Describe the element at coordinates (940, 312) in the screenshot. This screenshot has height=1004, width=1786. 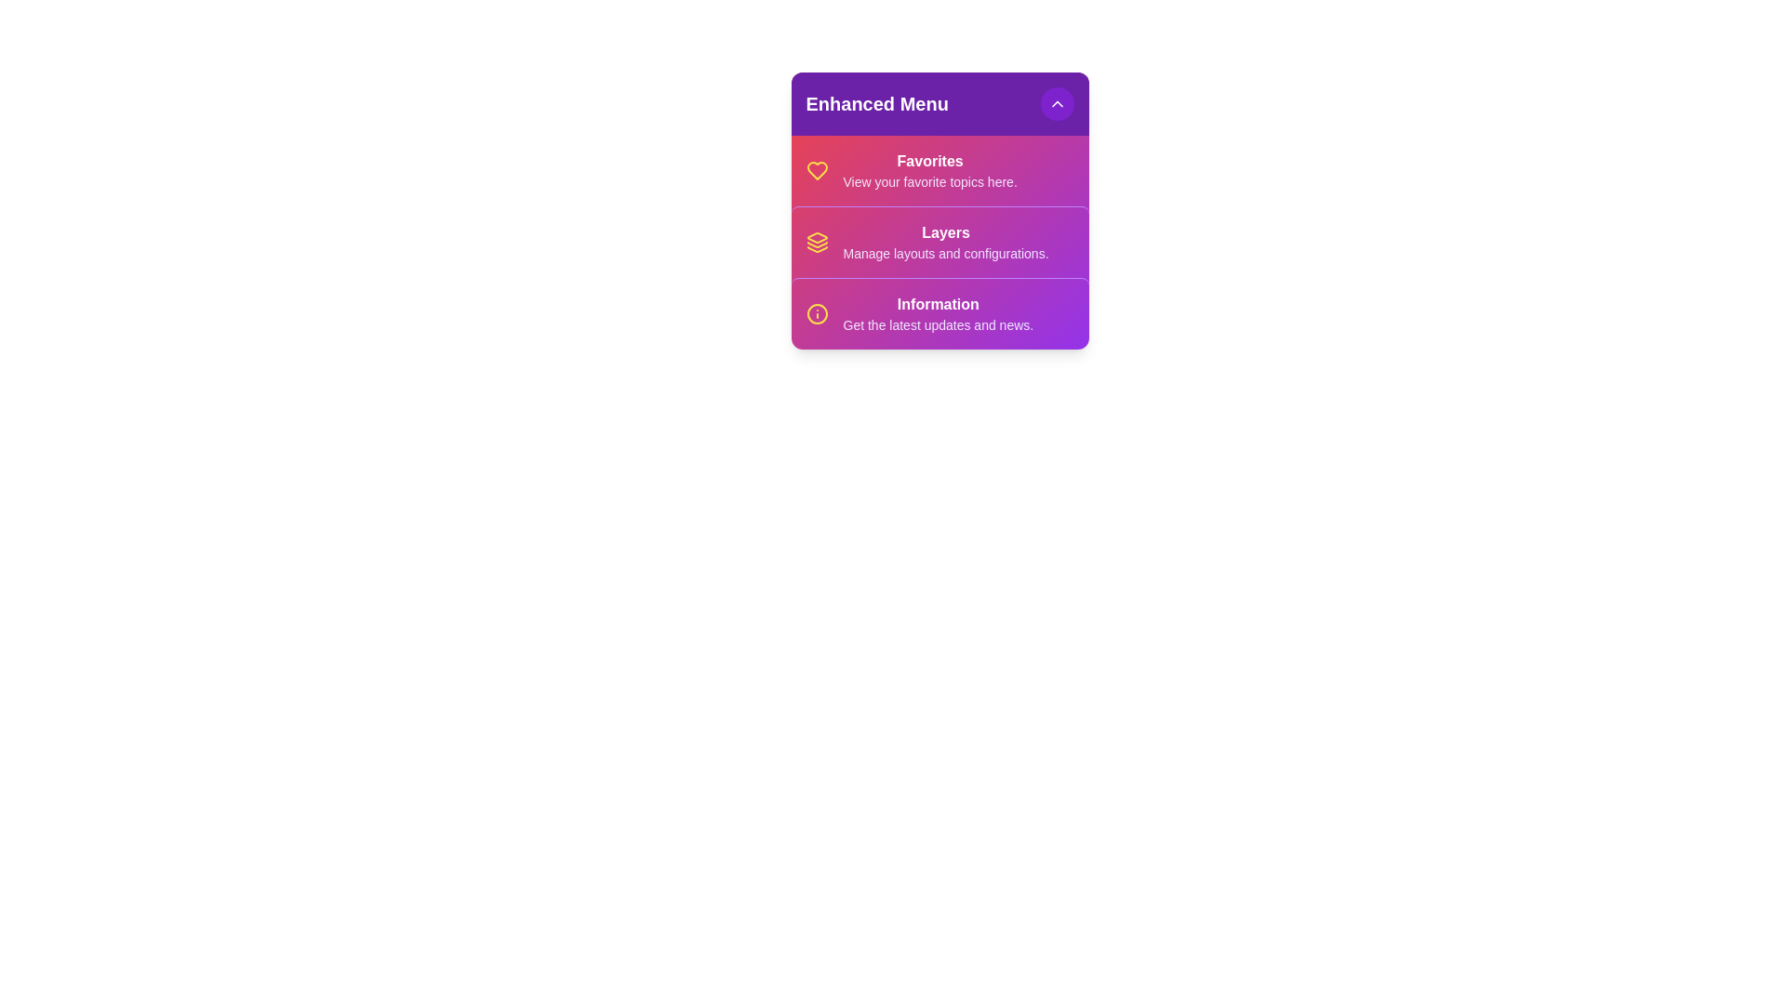
I see `the menu item Information by clicking on it` at that location.